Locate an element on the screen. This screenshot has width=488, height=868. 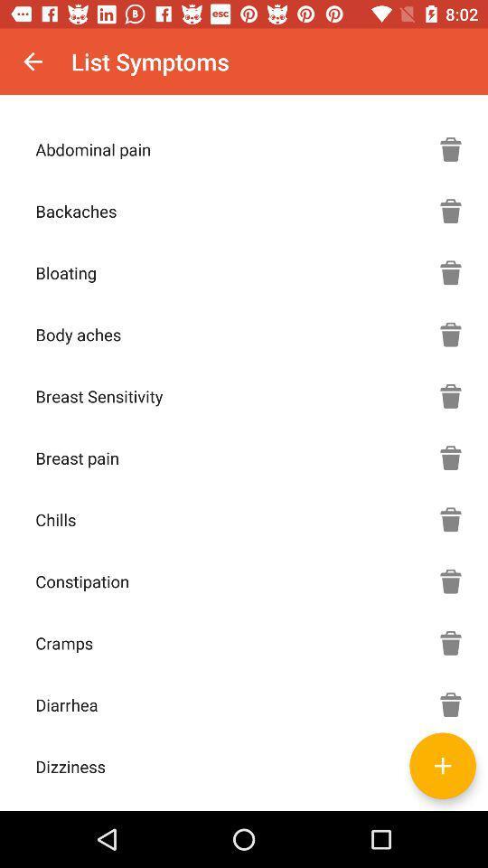
delete selected symptom is located at coordinates (450, 703).